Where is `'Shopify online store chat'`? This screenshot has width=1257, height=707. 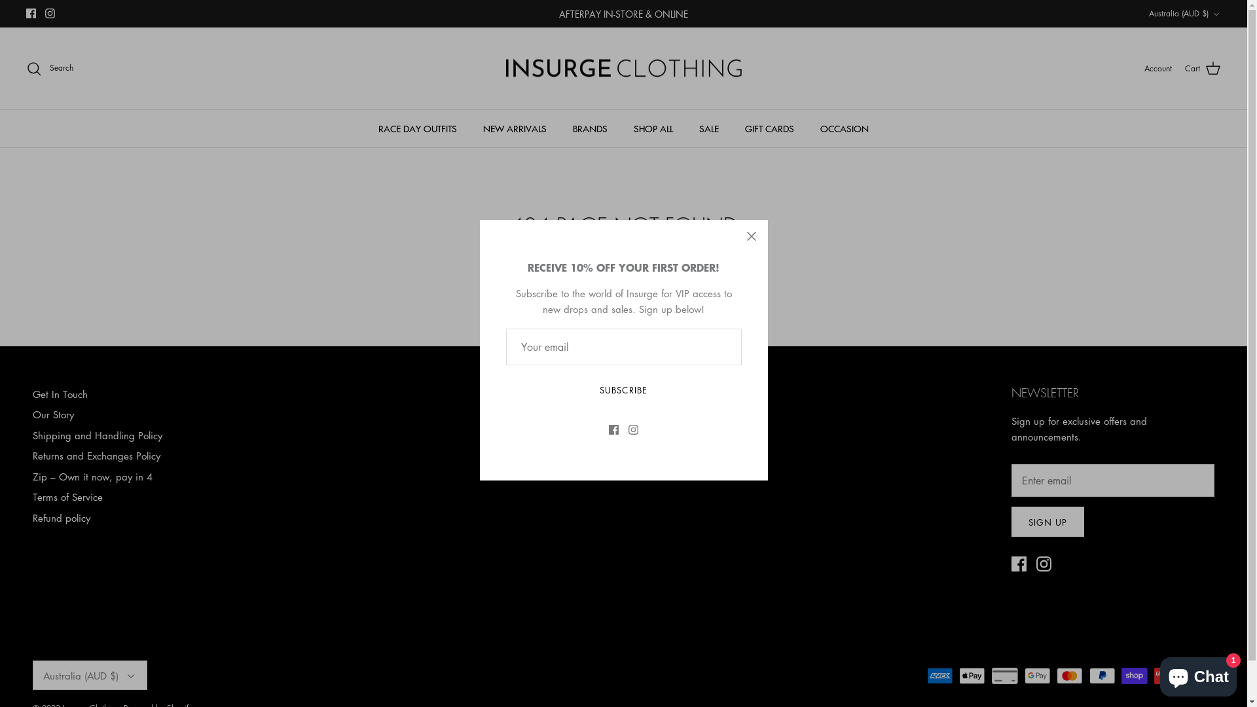
'Shopify online store chat' is located at coordinates (1156, 674).